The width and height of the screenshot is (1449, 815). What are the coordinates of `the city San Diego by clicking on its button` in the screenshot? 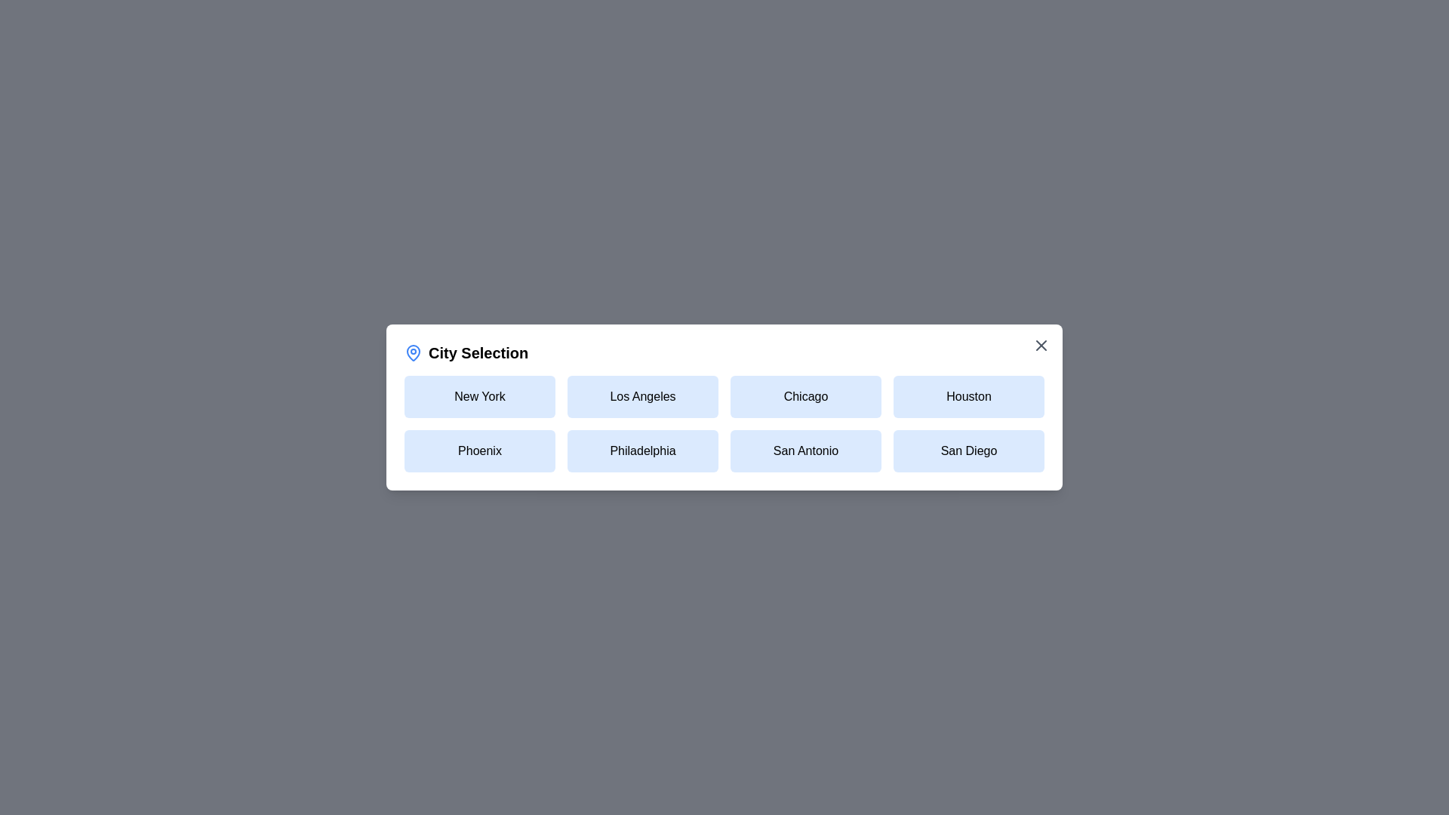 It's located at (968, 450).